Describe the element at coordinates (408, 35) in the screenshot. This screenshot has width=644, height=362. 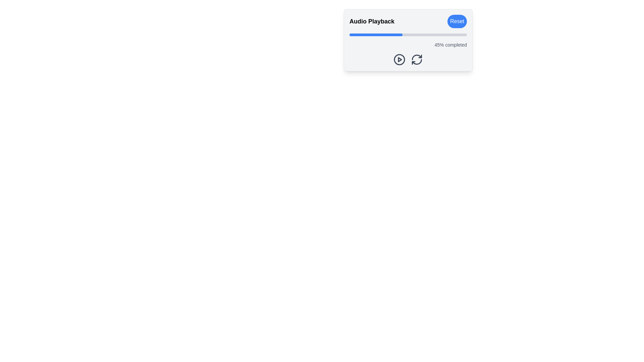
I see `the progress bar located beneath the title 'Audio Playback' and above the text '45% completed'` at that location.